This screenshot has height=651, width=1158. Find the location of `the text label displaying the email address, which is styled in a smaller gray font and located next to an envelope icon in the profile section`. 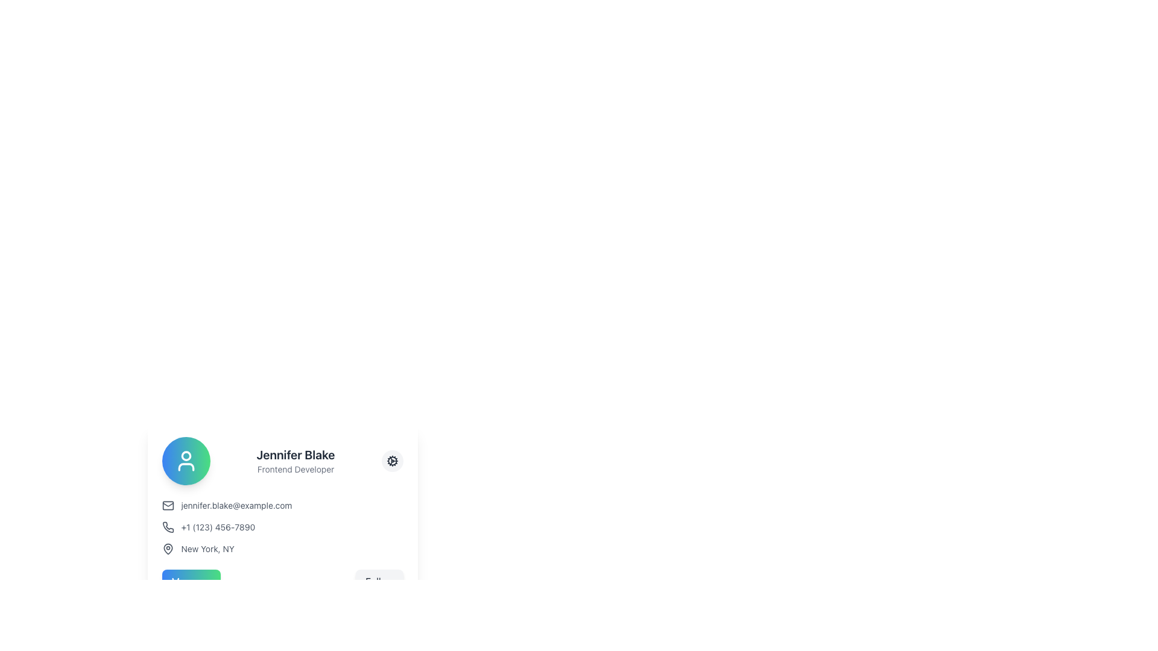

the text label displaying the email address, which is styled in a smaller gray font and located next to an envelope icon in the profile section is located at coordinates (282, 506).